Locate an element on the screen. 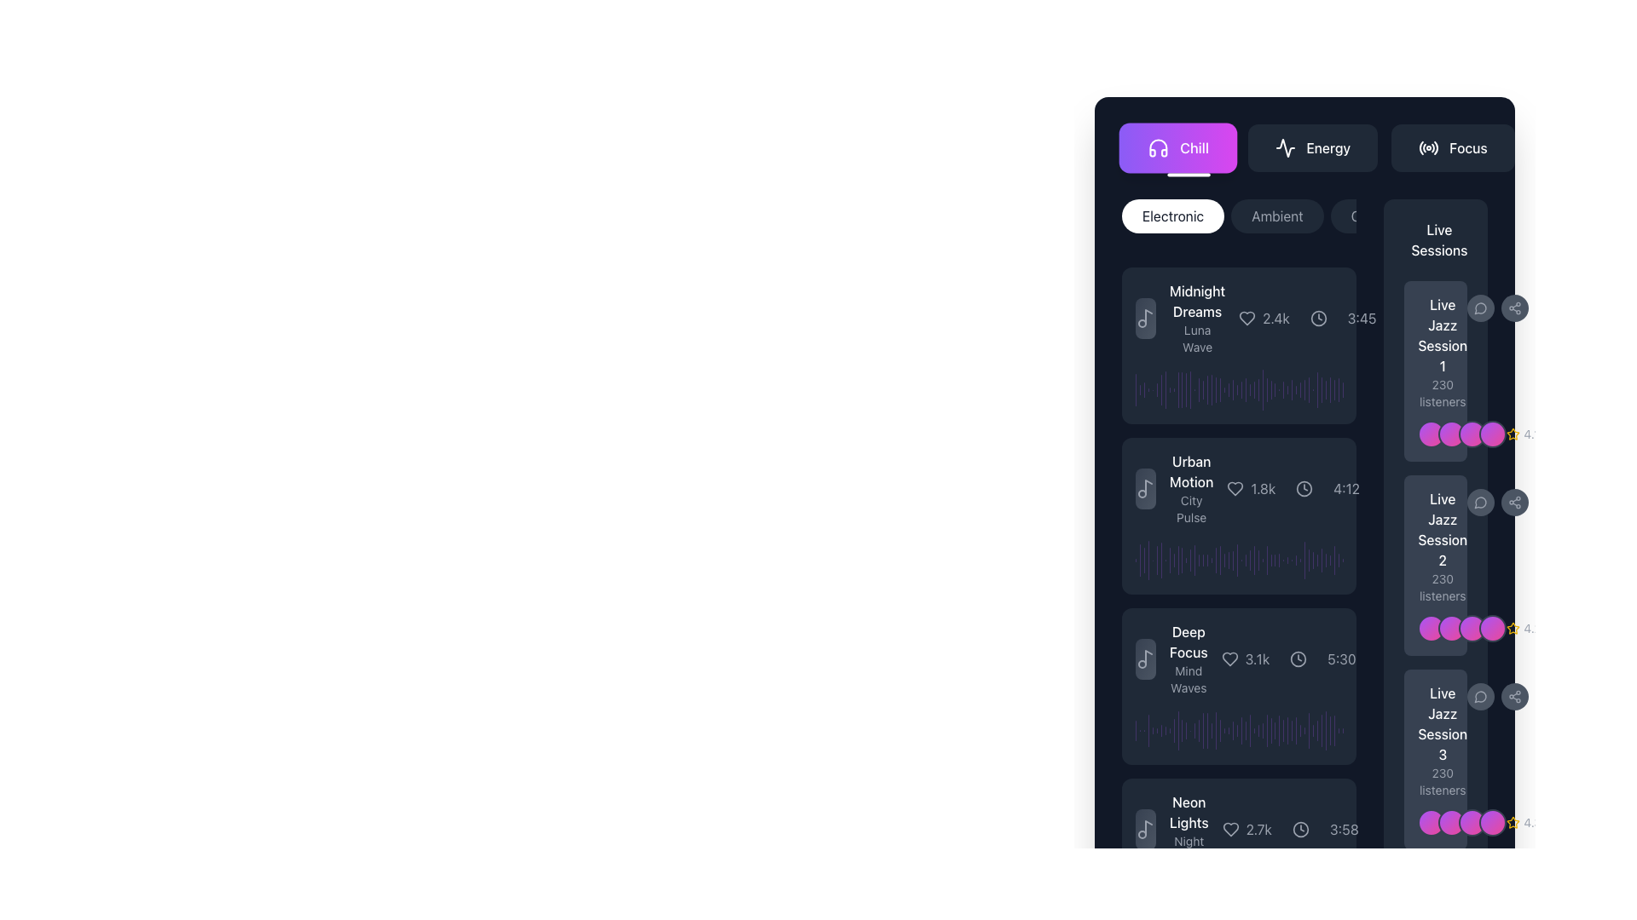 This screenshot has width=1637, height=920. the second circular Avatar or Profile Icon representing a user or member in the list for the live session entry is located at coordinates (1451, 628).